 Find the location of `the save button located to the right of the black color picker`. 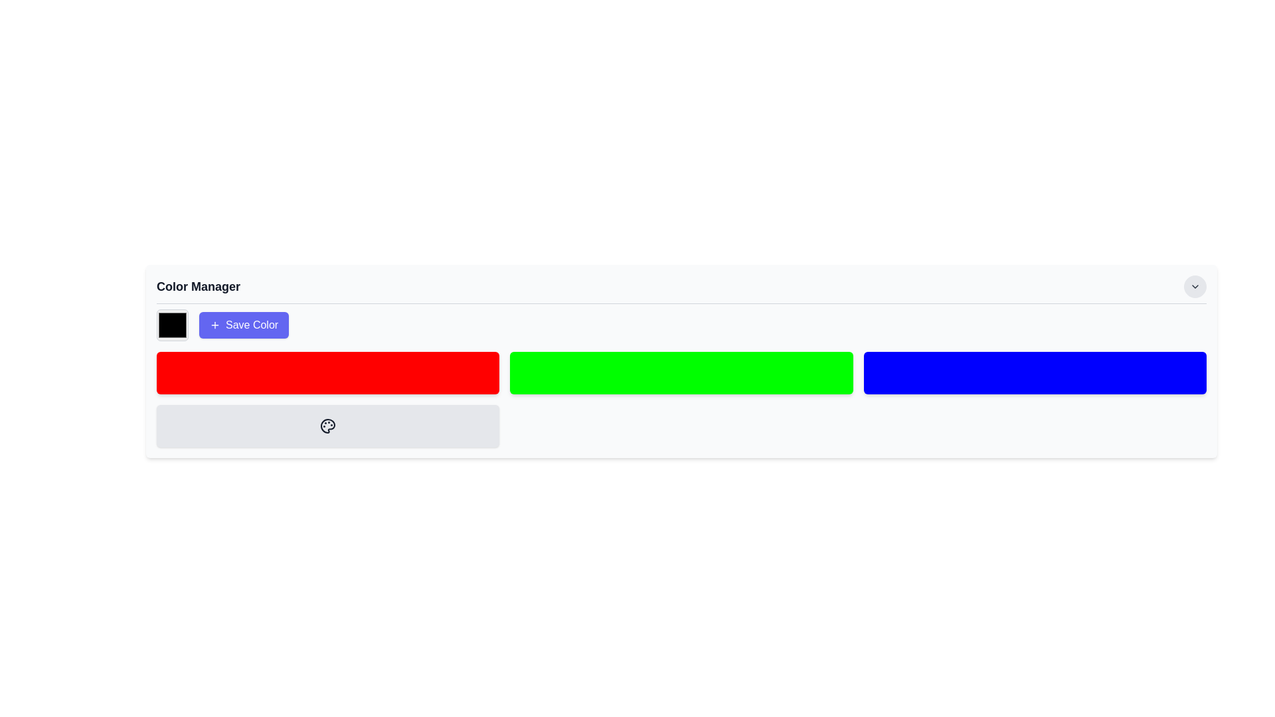

the save button located to the right of the black color picker is located at coordinates (244, 325).